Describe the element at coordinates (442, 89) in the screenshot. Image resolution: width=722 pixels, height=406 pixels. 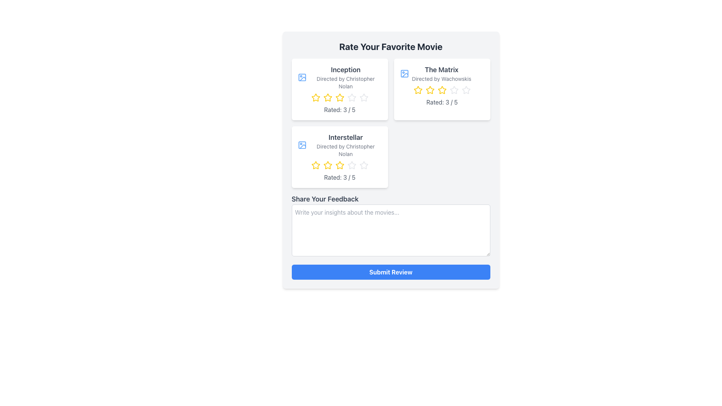
I see `a star in the 'The Matrix' movie card to rate the movie, which is the second card under the 'Rate Your Favorite Movie' section` at that location.